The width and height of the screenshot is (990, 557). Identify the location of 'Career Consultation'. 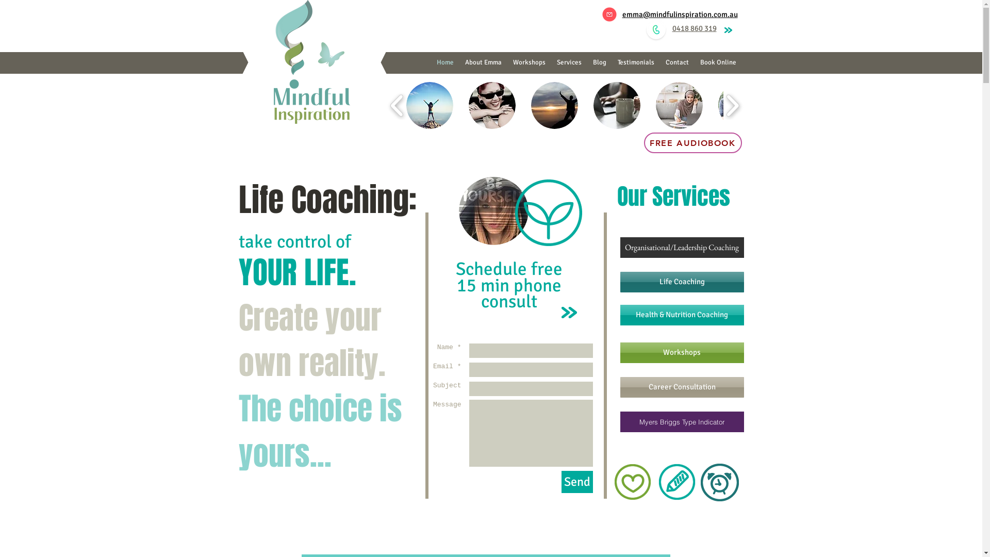
(619, 387).